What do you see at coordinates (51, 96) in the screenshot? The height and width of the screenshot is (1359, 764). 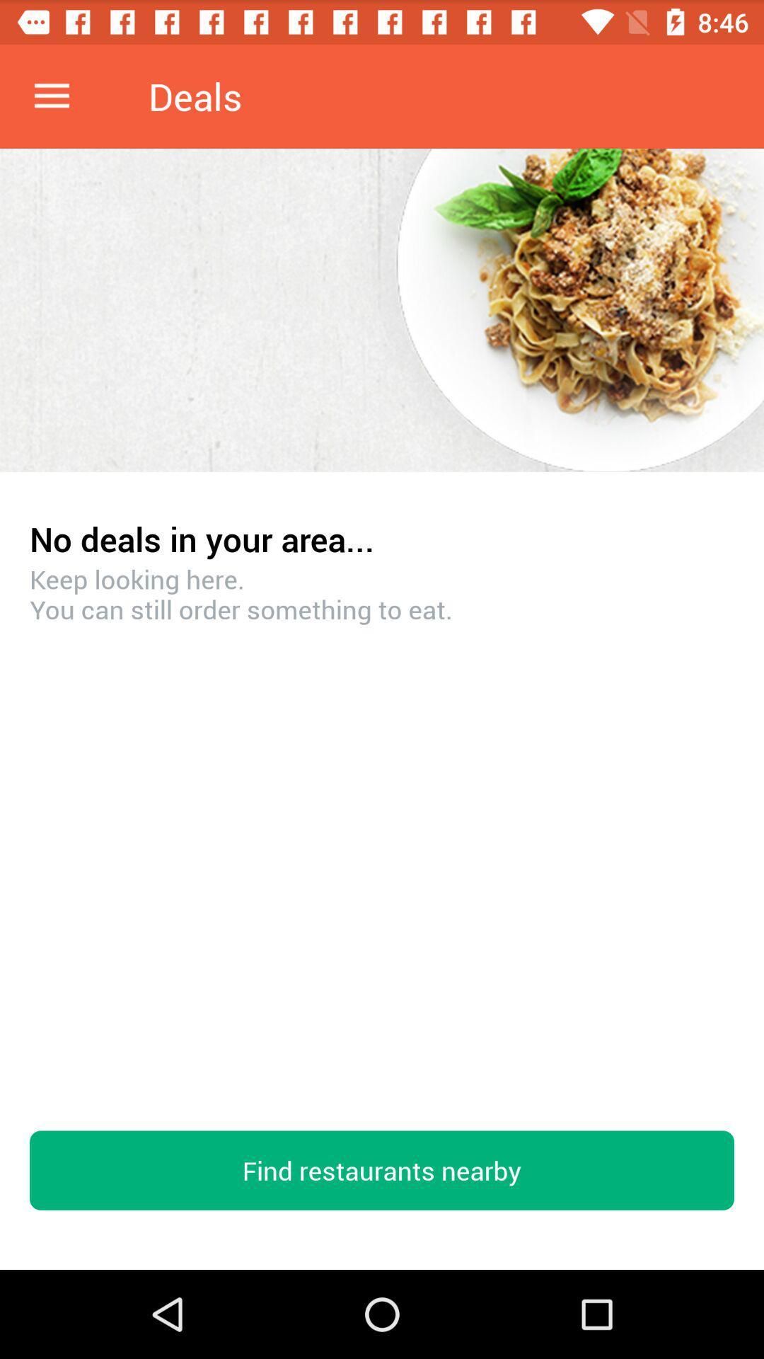 I see `more options` at bounding box center [51, 96].